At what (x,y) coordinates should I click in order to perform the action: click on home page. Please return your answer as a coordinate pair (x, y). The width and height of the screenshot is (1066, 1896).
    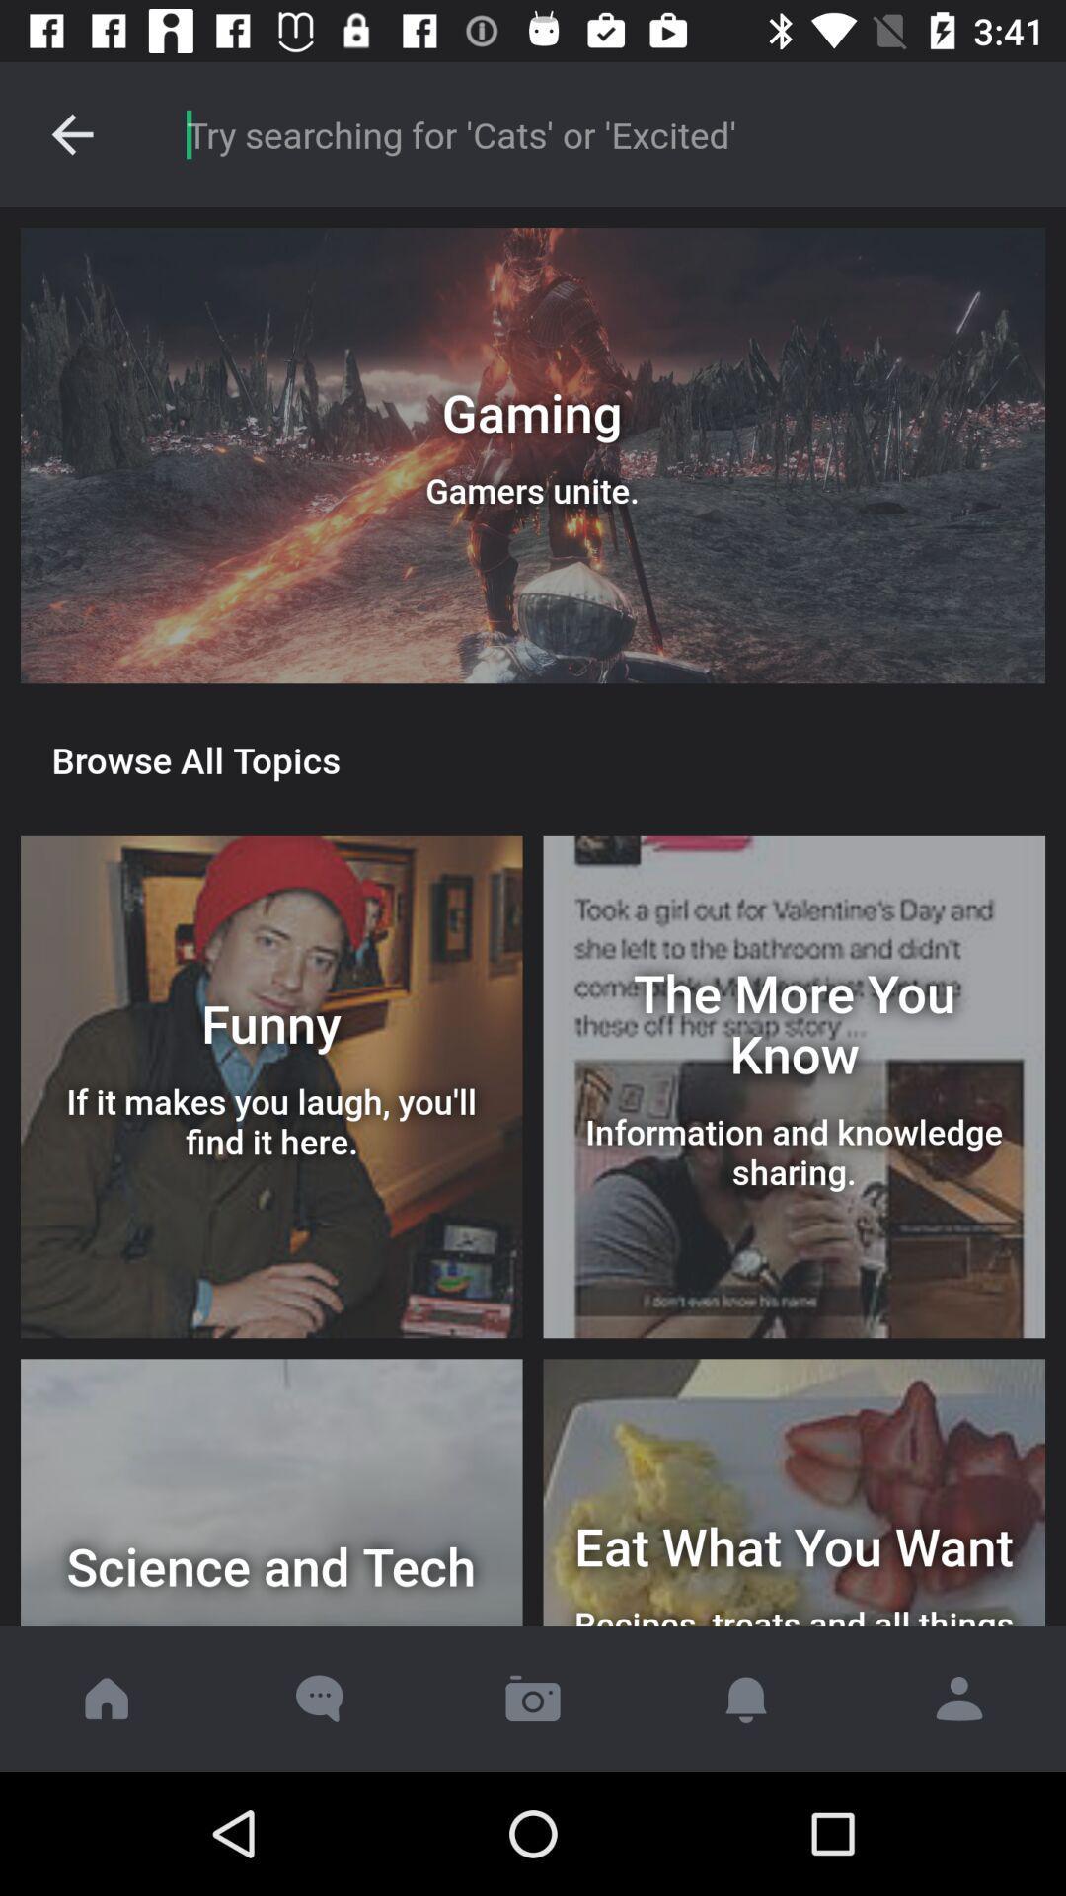
    Looking at the image, I should click on (107, 1698).